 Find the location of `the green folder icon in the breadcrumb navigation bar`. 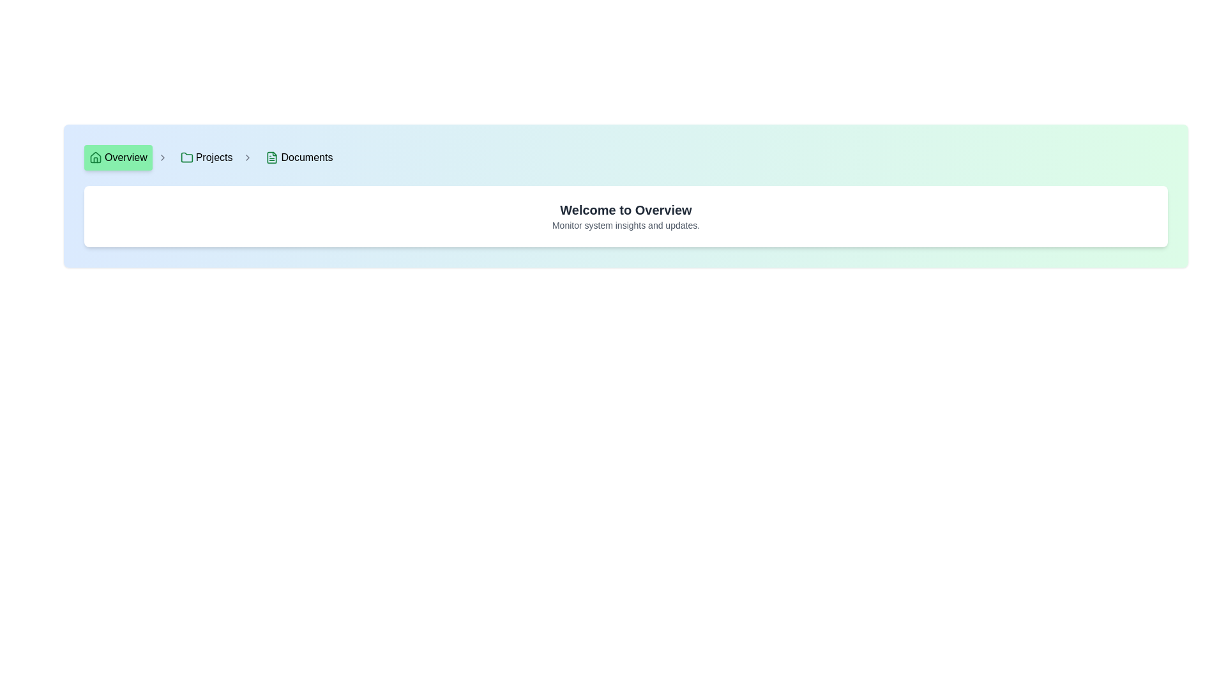

the green folder icon in the breadcrumb navigation bar is located at coordinates (186, 157).